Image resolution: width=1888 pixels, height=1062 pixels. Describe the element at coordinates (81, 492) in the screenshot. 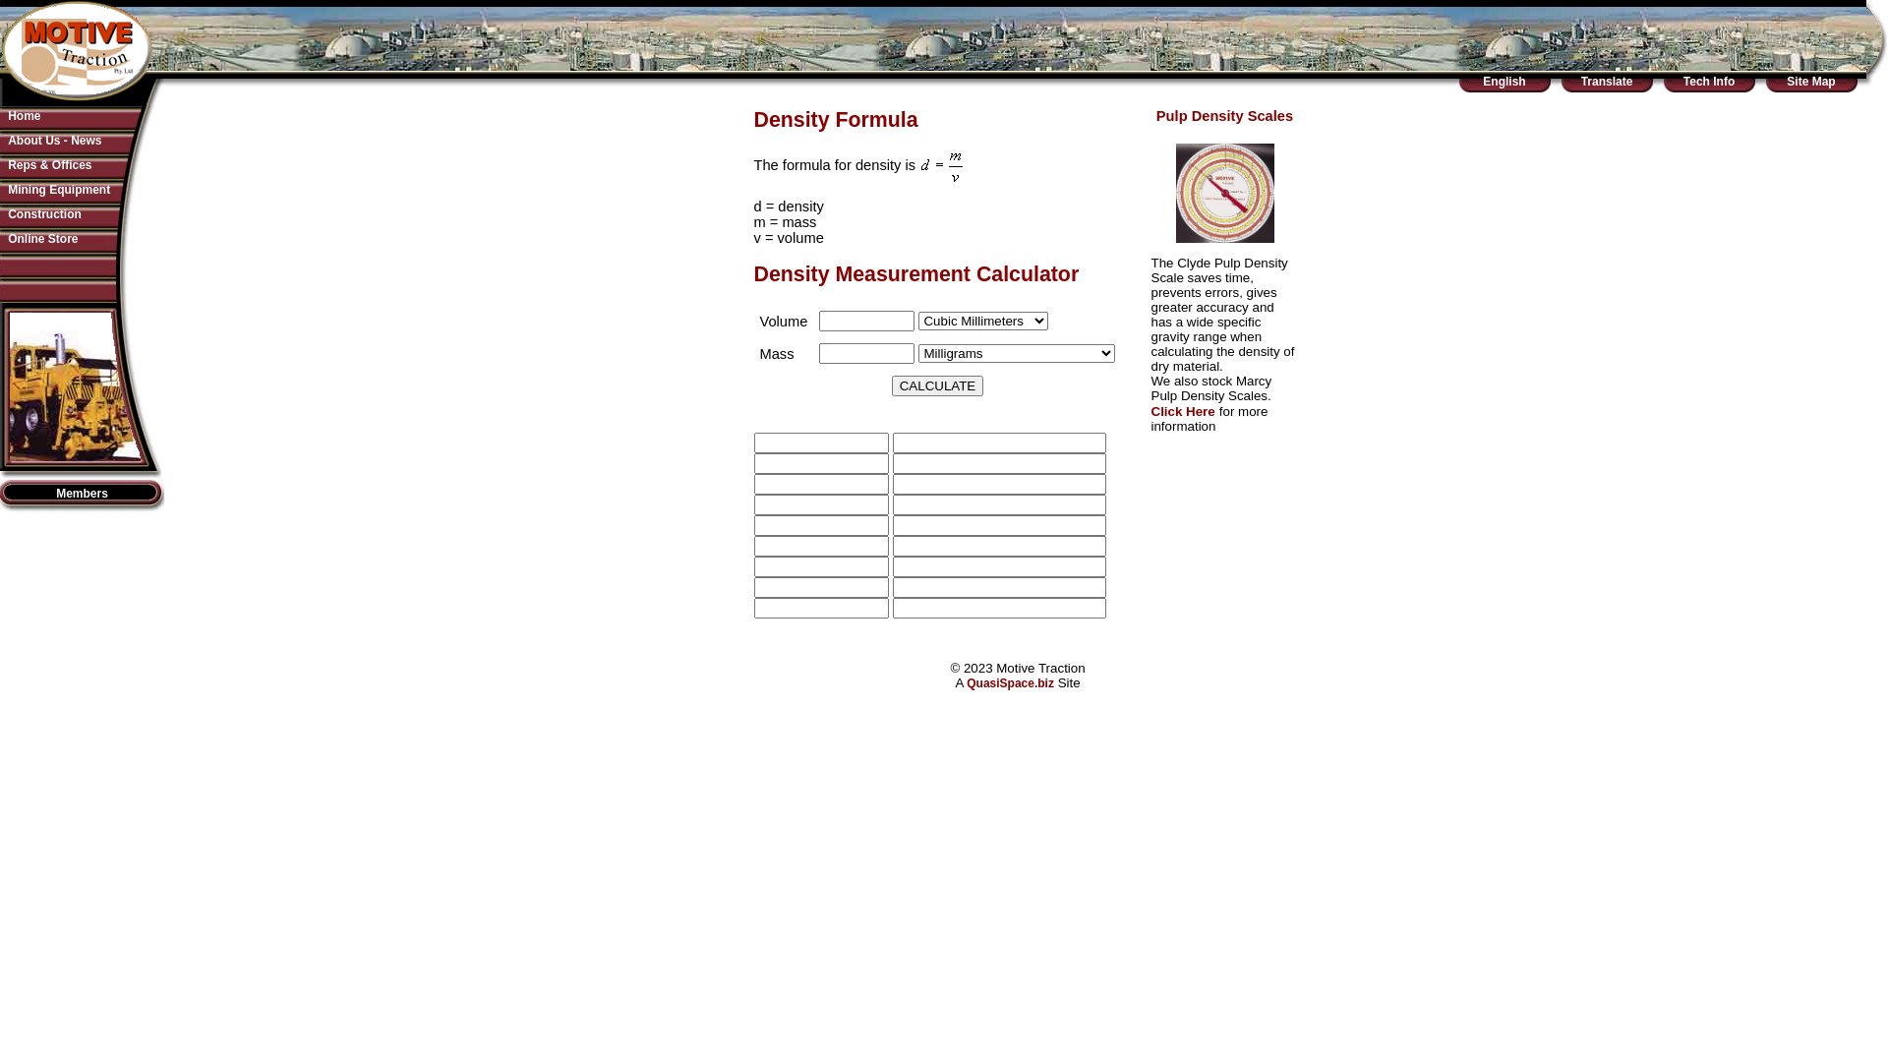

I see `'Members'` at that location.